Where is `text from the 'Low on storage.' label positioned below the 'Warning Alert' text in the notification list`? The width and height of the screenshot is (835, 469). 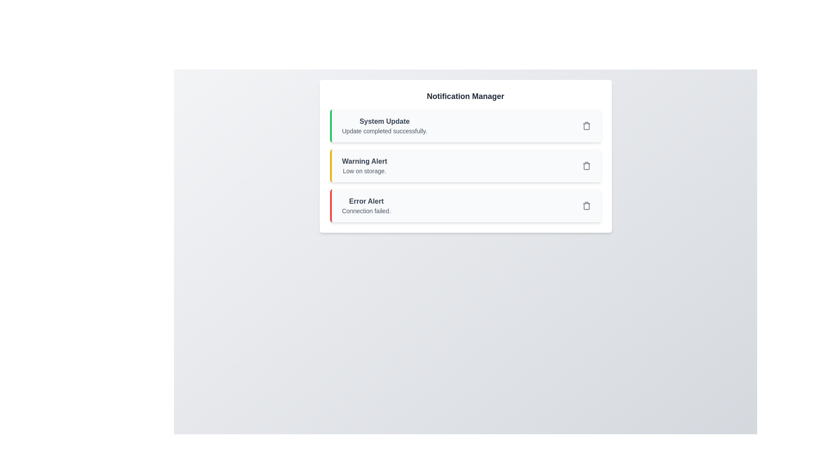 text from the 'Low on storage.' label positioned below the 'Warning Alert' text in the notification list is located at coordinates (364, 171).